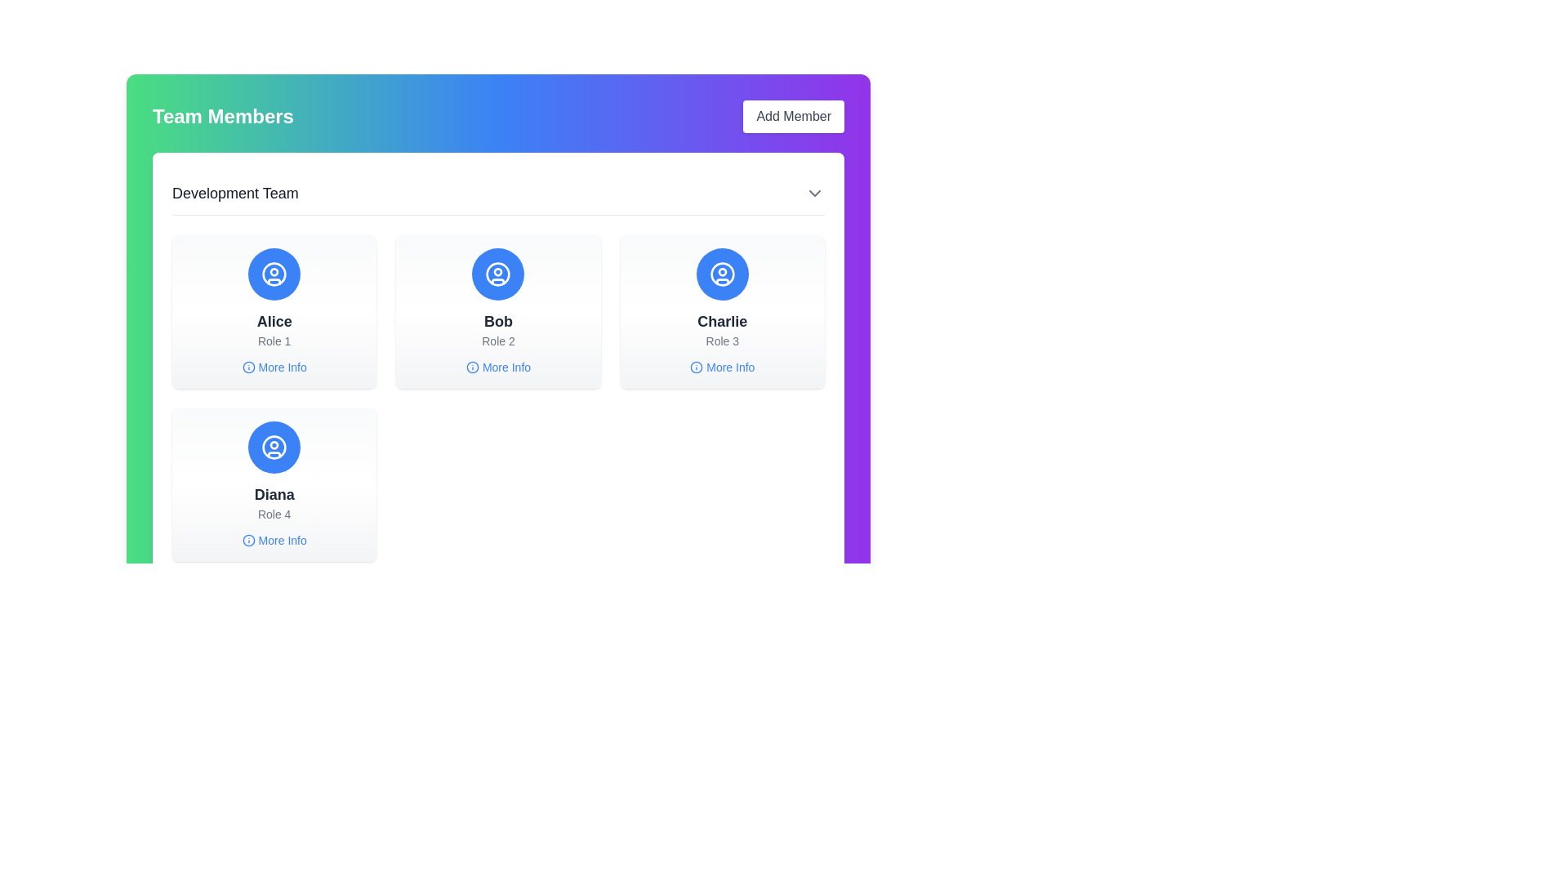 This screenshot has height=882, width=1568. I want to click on the small circular blue 'i' icon in the 'More Info' section under Bob's profile in the Development Team group, so click(471, 367).